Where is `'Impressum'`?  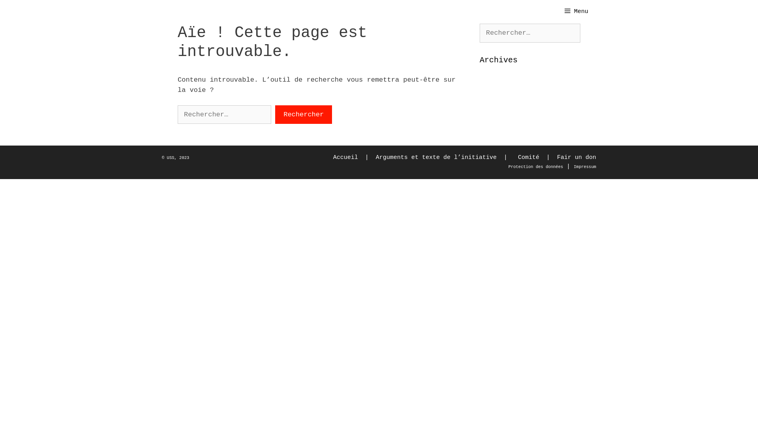
'Impressum' is located at coordinates (585, 166).